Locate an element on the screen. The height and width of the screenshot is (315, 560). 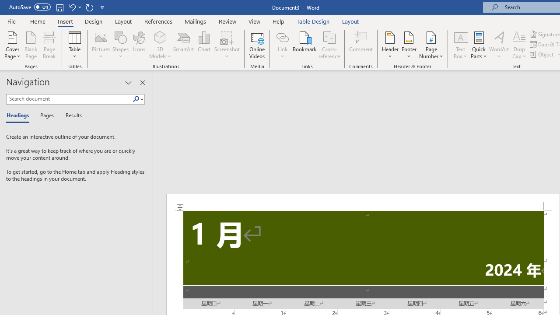
'Repeat Doc Close' is located at coordinates (89, 7).